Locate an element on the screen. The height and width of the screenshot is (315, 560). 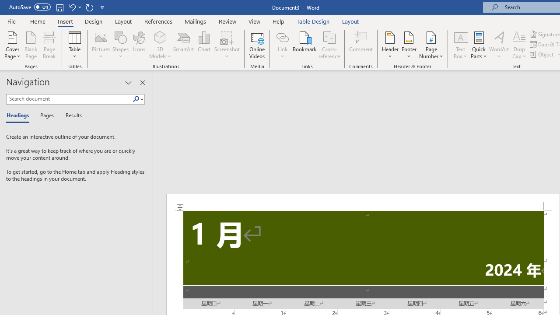
'Repeat Doc Close' is located at coordinates (89, 7).